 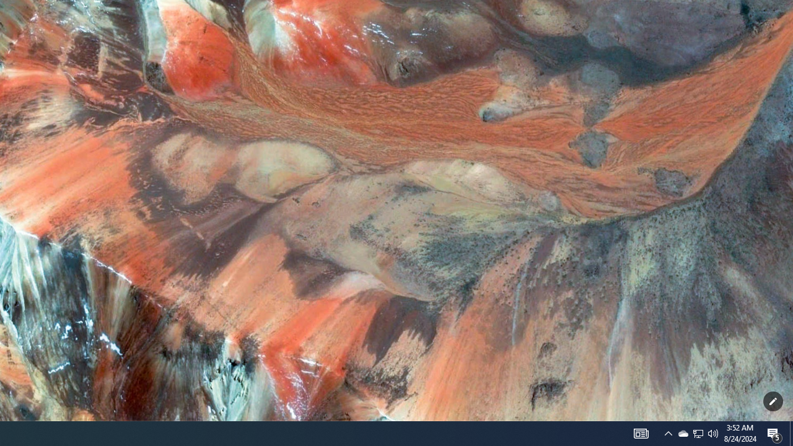 What do you see at coordinates (668, 432) in the screenshot?
I see `'User Promoted Notification Area'` at bounding box center [668, 432].